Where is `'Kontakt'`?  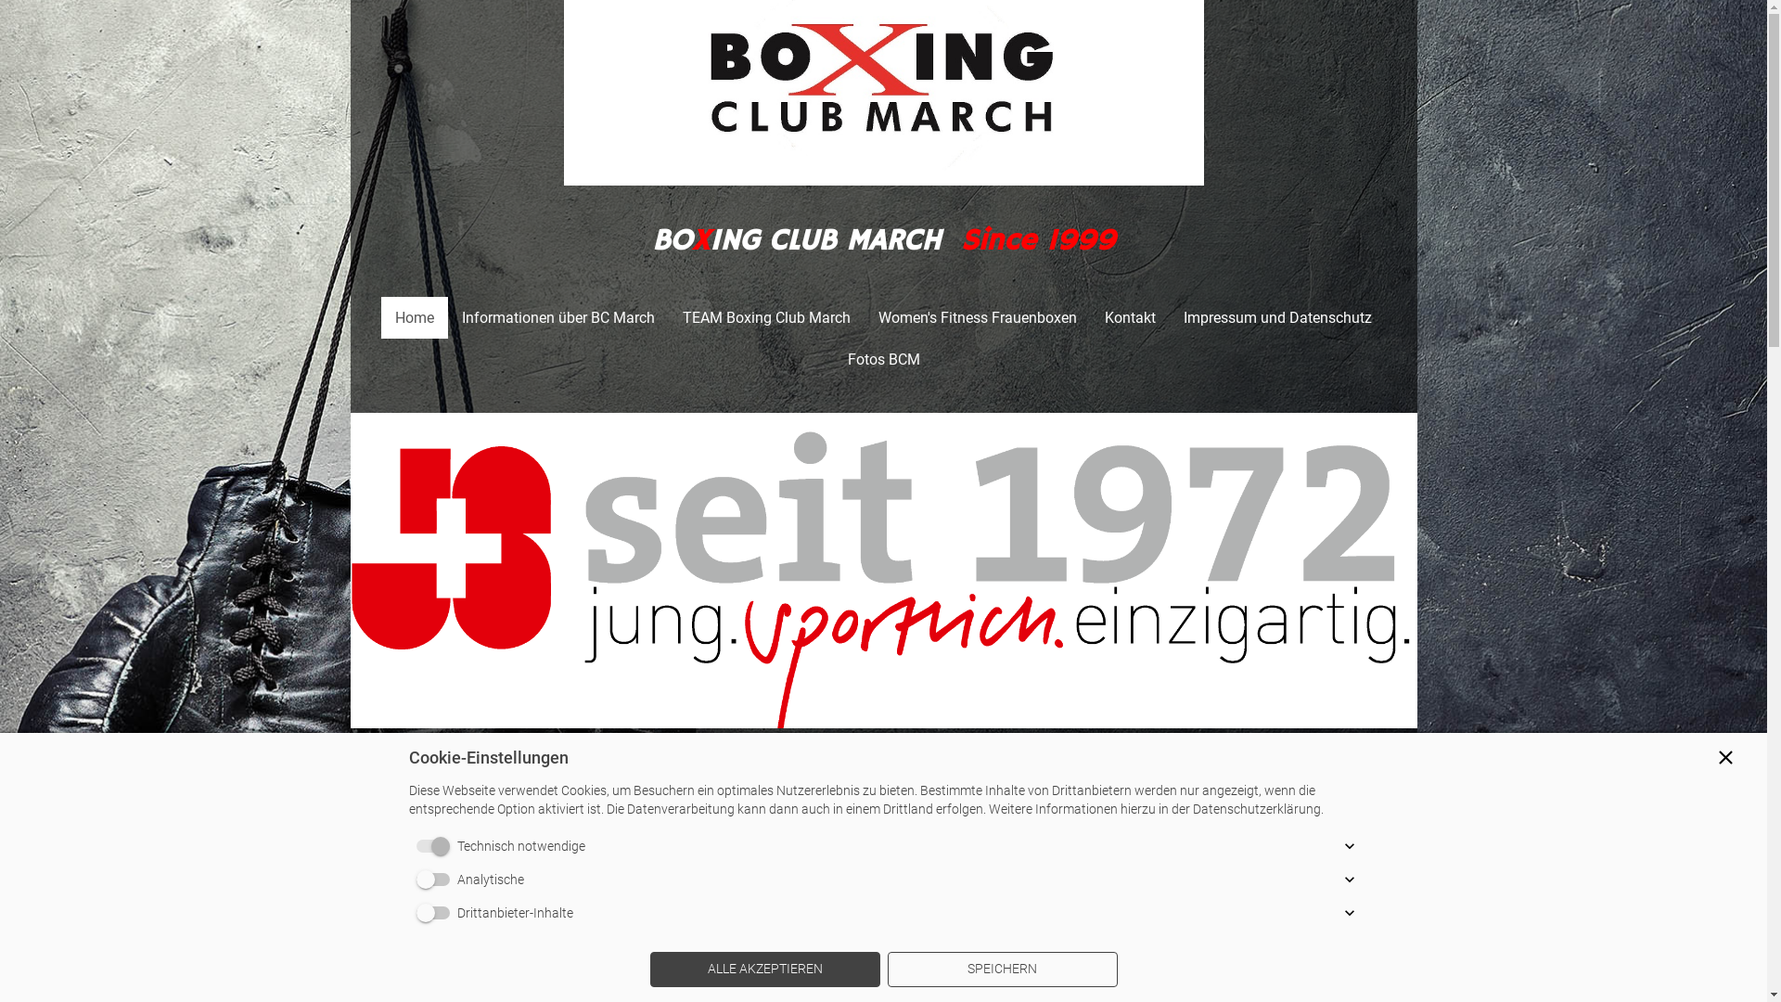 'Kontakt' is located at coordinates (1129, 316).